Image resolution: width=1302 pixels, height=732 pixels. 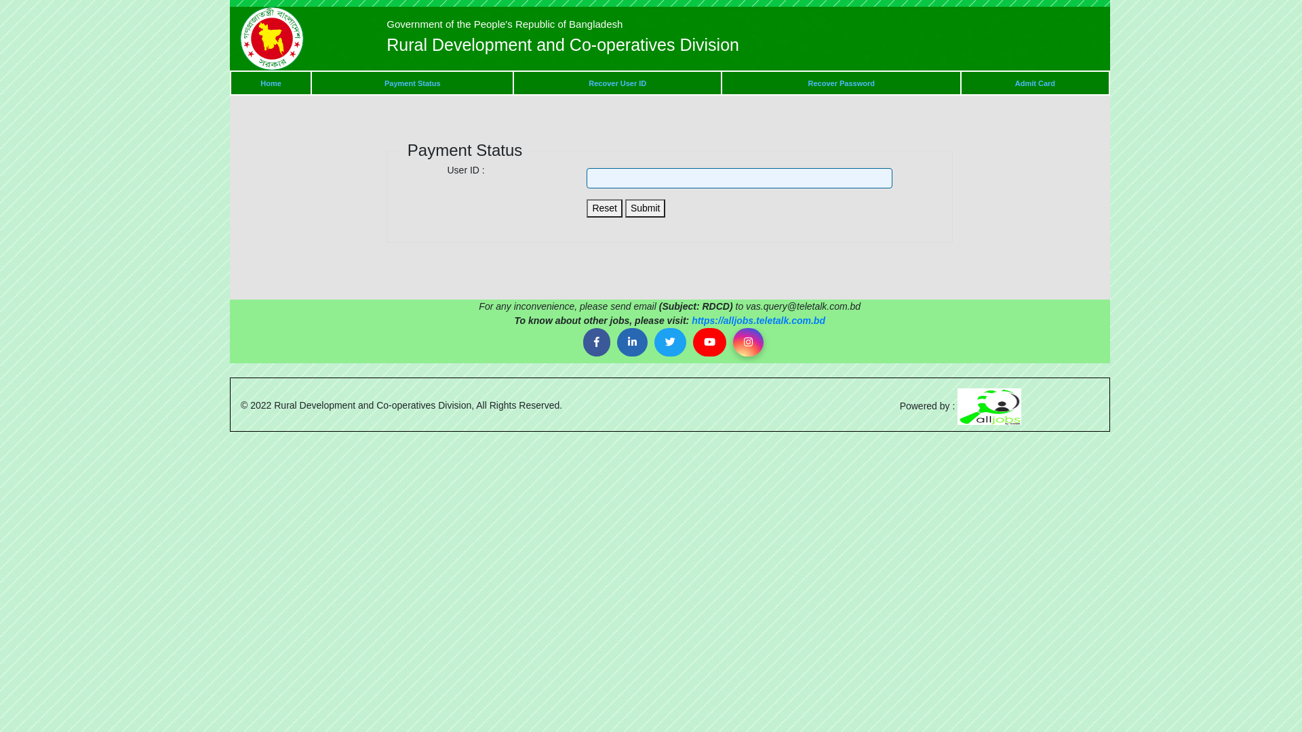 I want to click on 'Home', so click(x=271, y=83).